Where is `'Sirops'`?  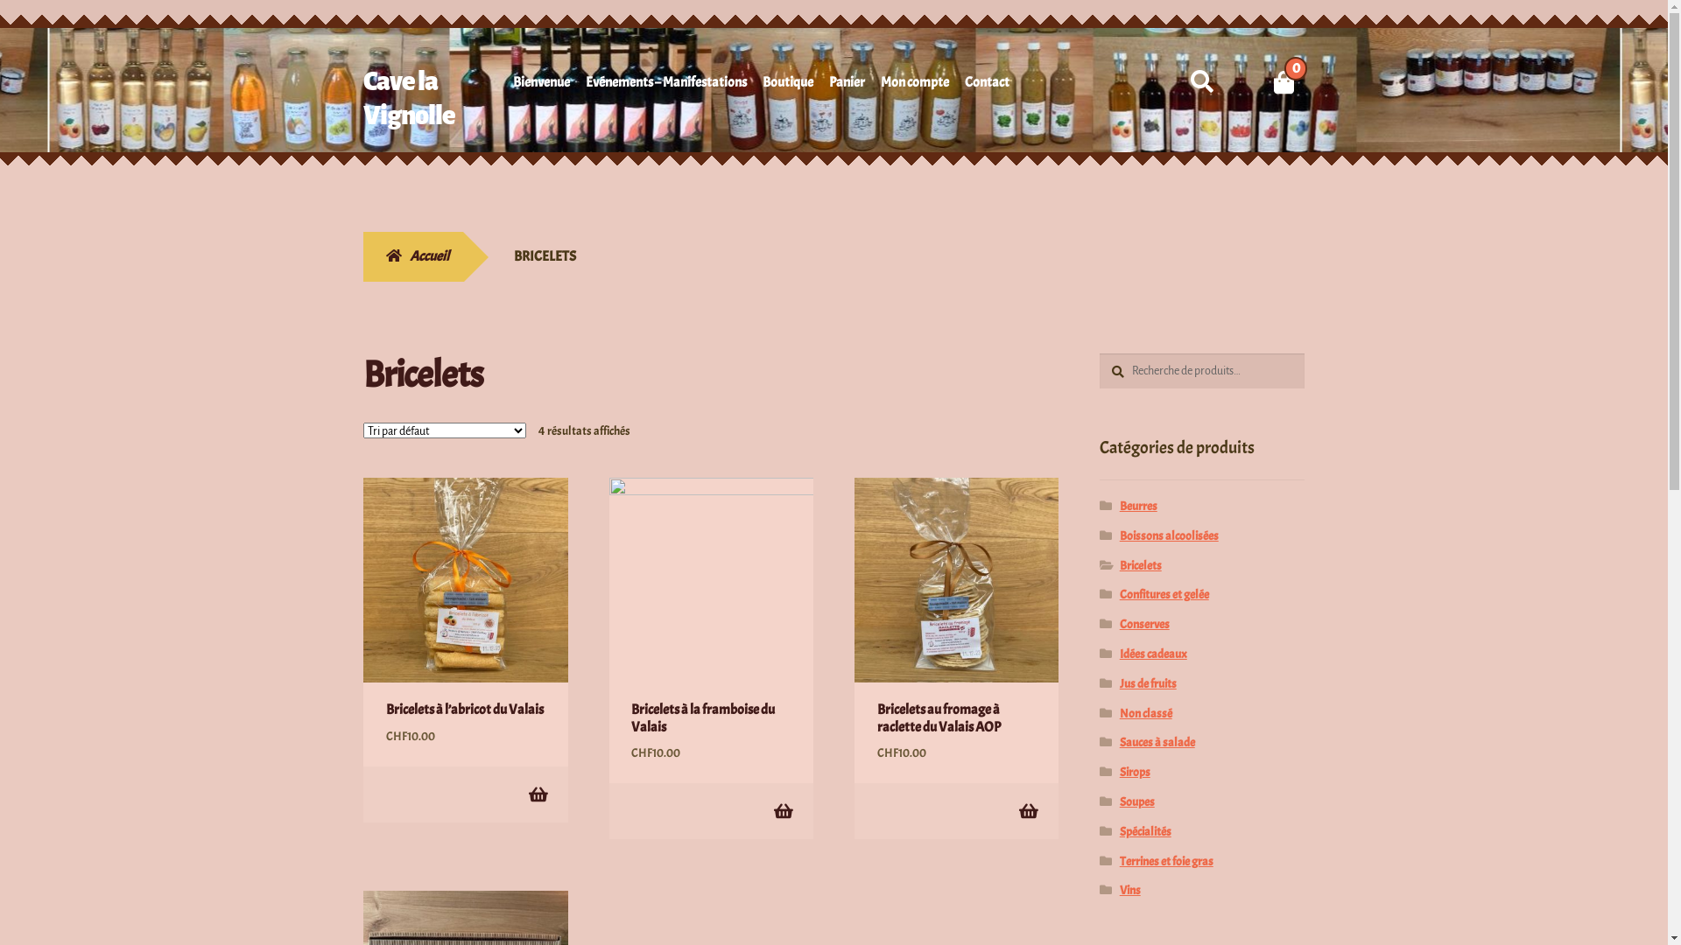
'Sirops' is located at coordinates (1135, 771).